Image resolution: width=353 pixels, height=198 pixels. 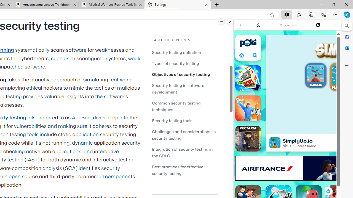 I want to click on 'Objectives of security testing', so click(x=181, y=74).